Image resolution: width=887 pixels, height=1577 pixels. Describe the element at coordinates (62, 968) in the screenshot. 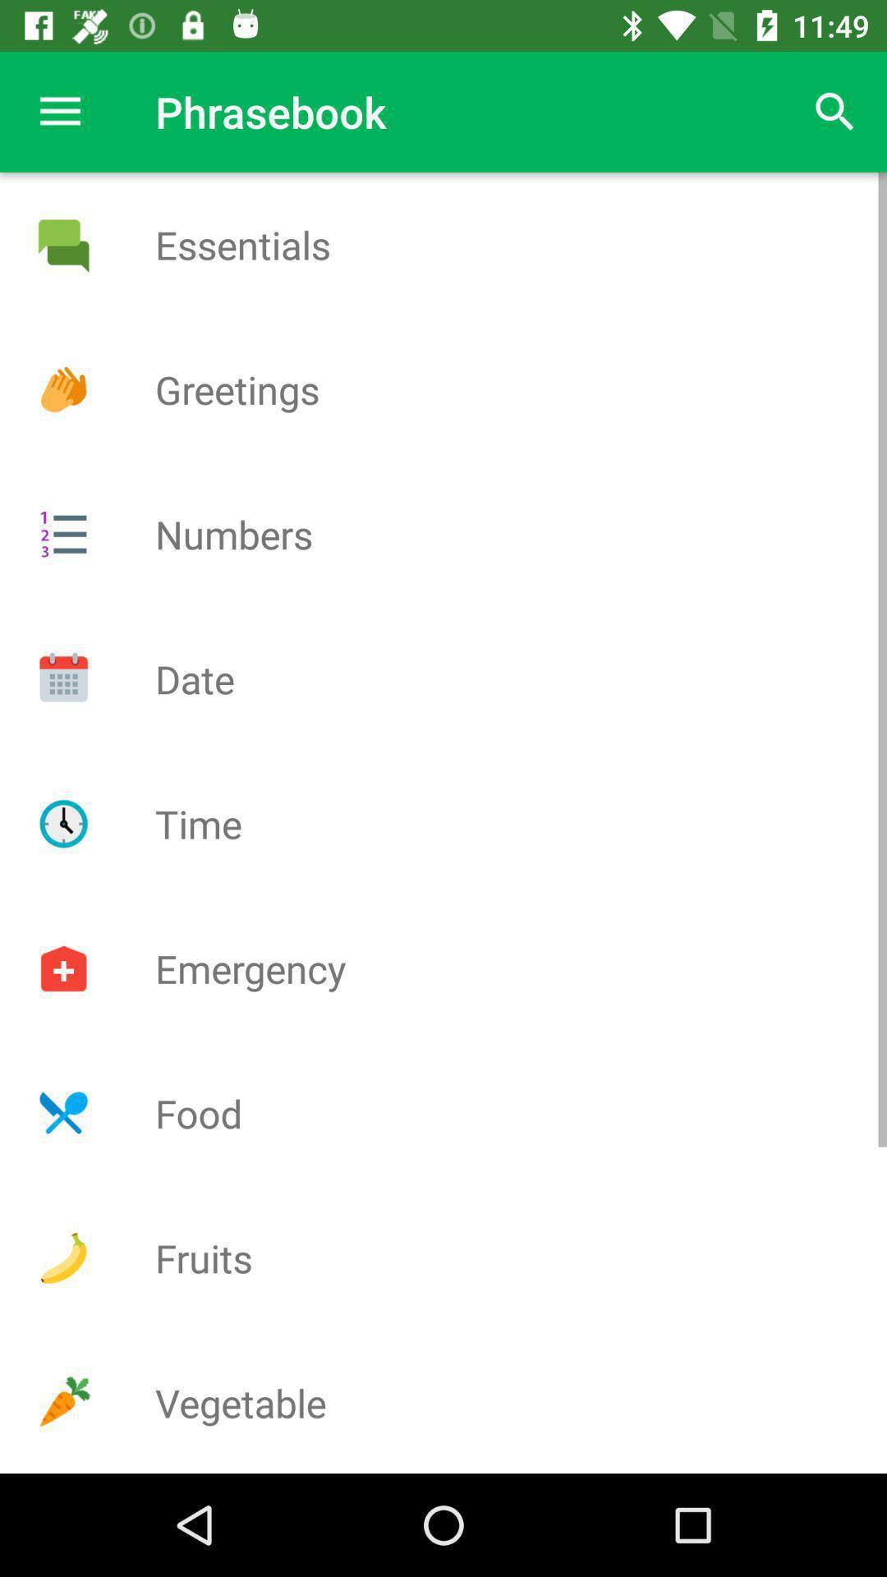

I see `emergency tab` at that location.